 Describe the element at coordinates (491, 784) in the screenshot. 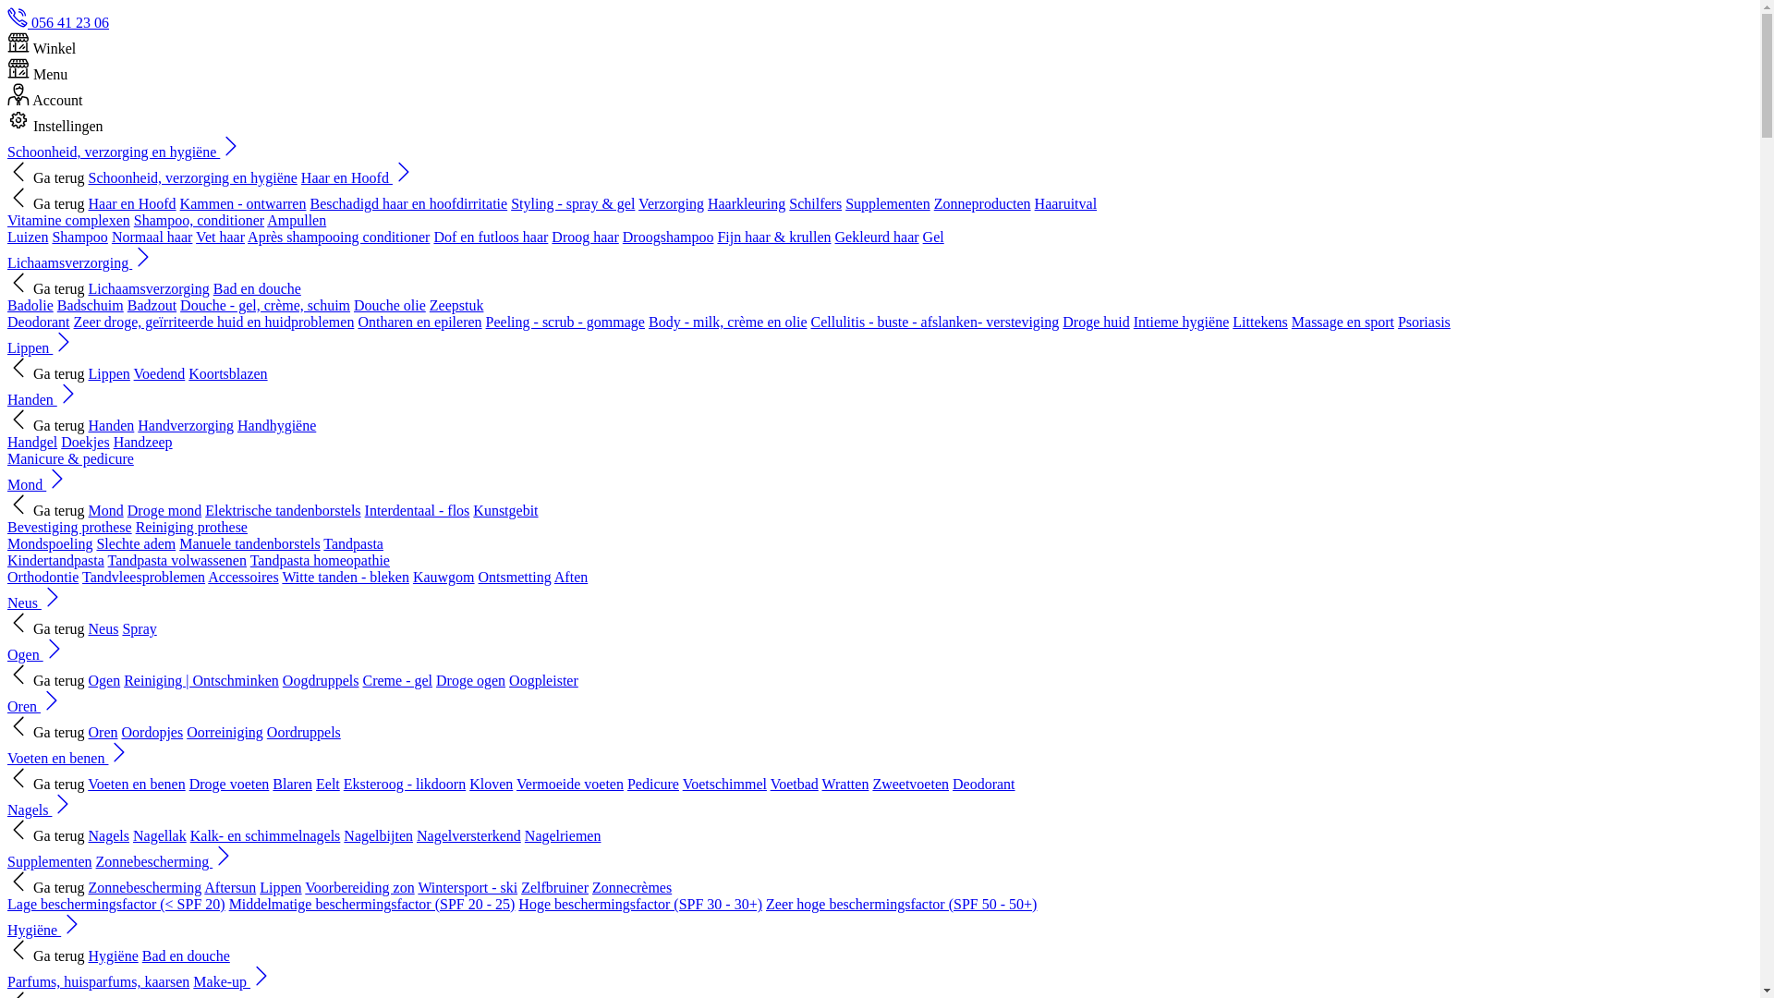

I see `'Kloven'` at that location.